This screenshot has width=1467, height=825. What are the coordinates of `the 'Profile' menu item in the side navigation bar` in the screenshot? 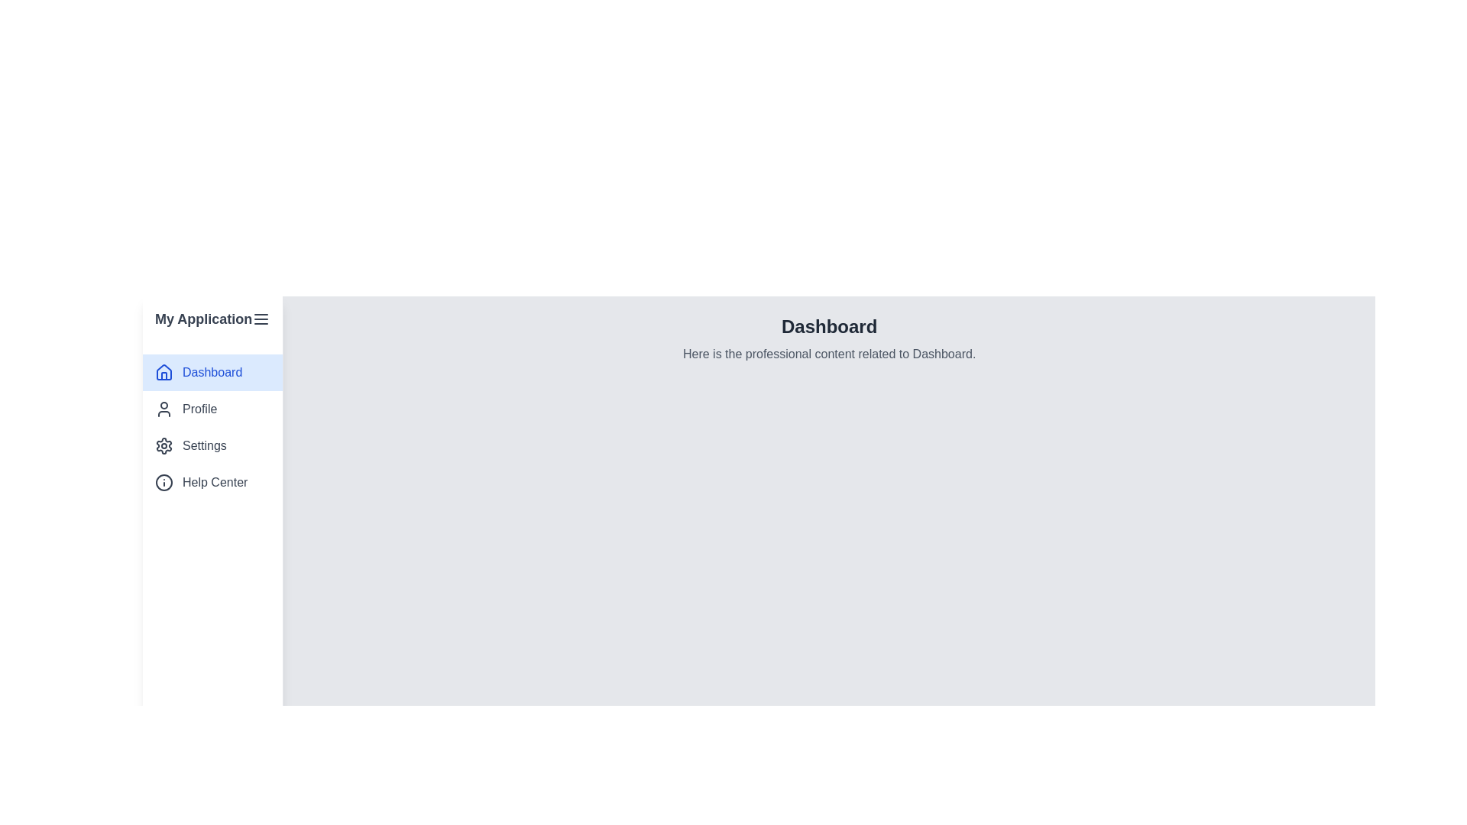 It's located at (212, 409).